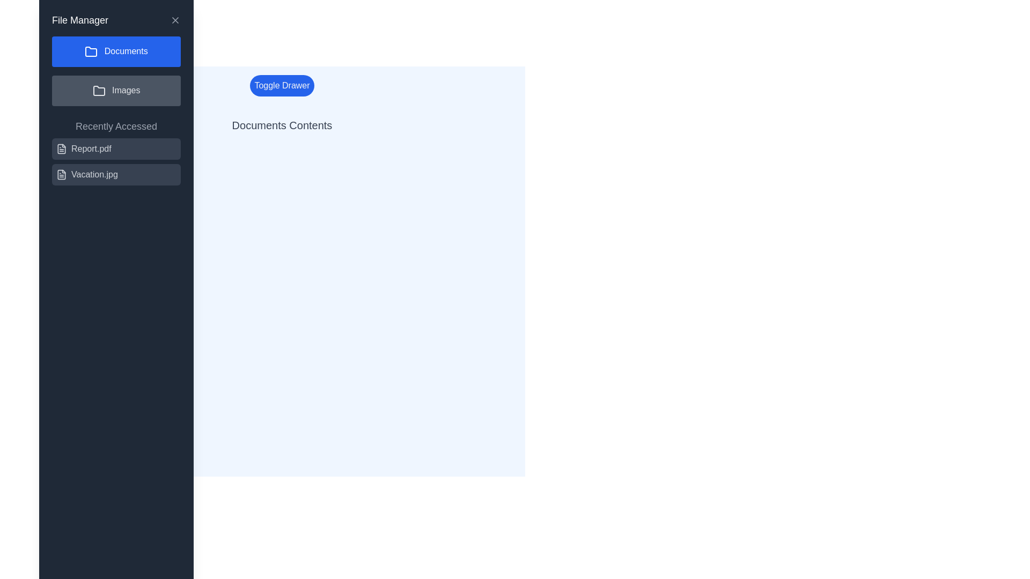  What do you see at coordinates (282, 125) in the screenshot?
I see `the 'Documents Contents' label, which introduces or categorizes a section and is positioned to the right of the 'Recently Accessed' label` at bounding box center [282, 125].